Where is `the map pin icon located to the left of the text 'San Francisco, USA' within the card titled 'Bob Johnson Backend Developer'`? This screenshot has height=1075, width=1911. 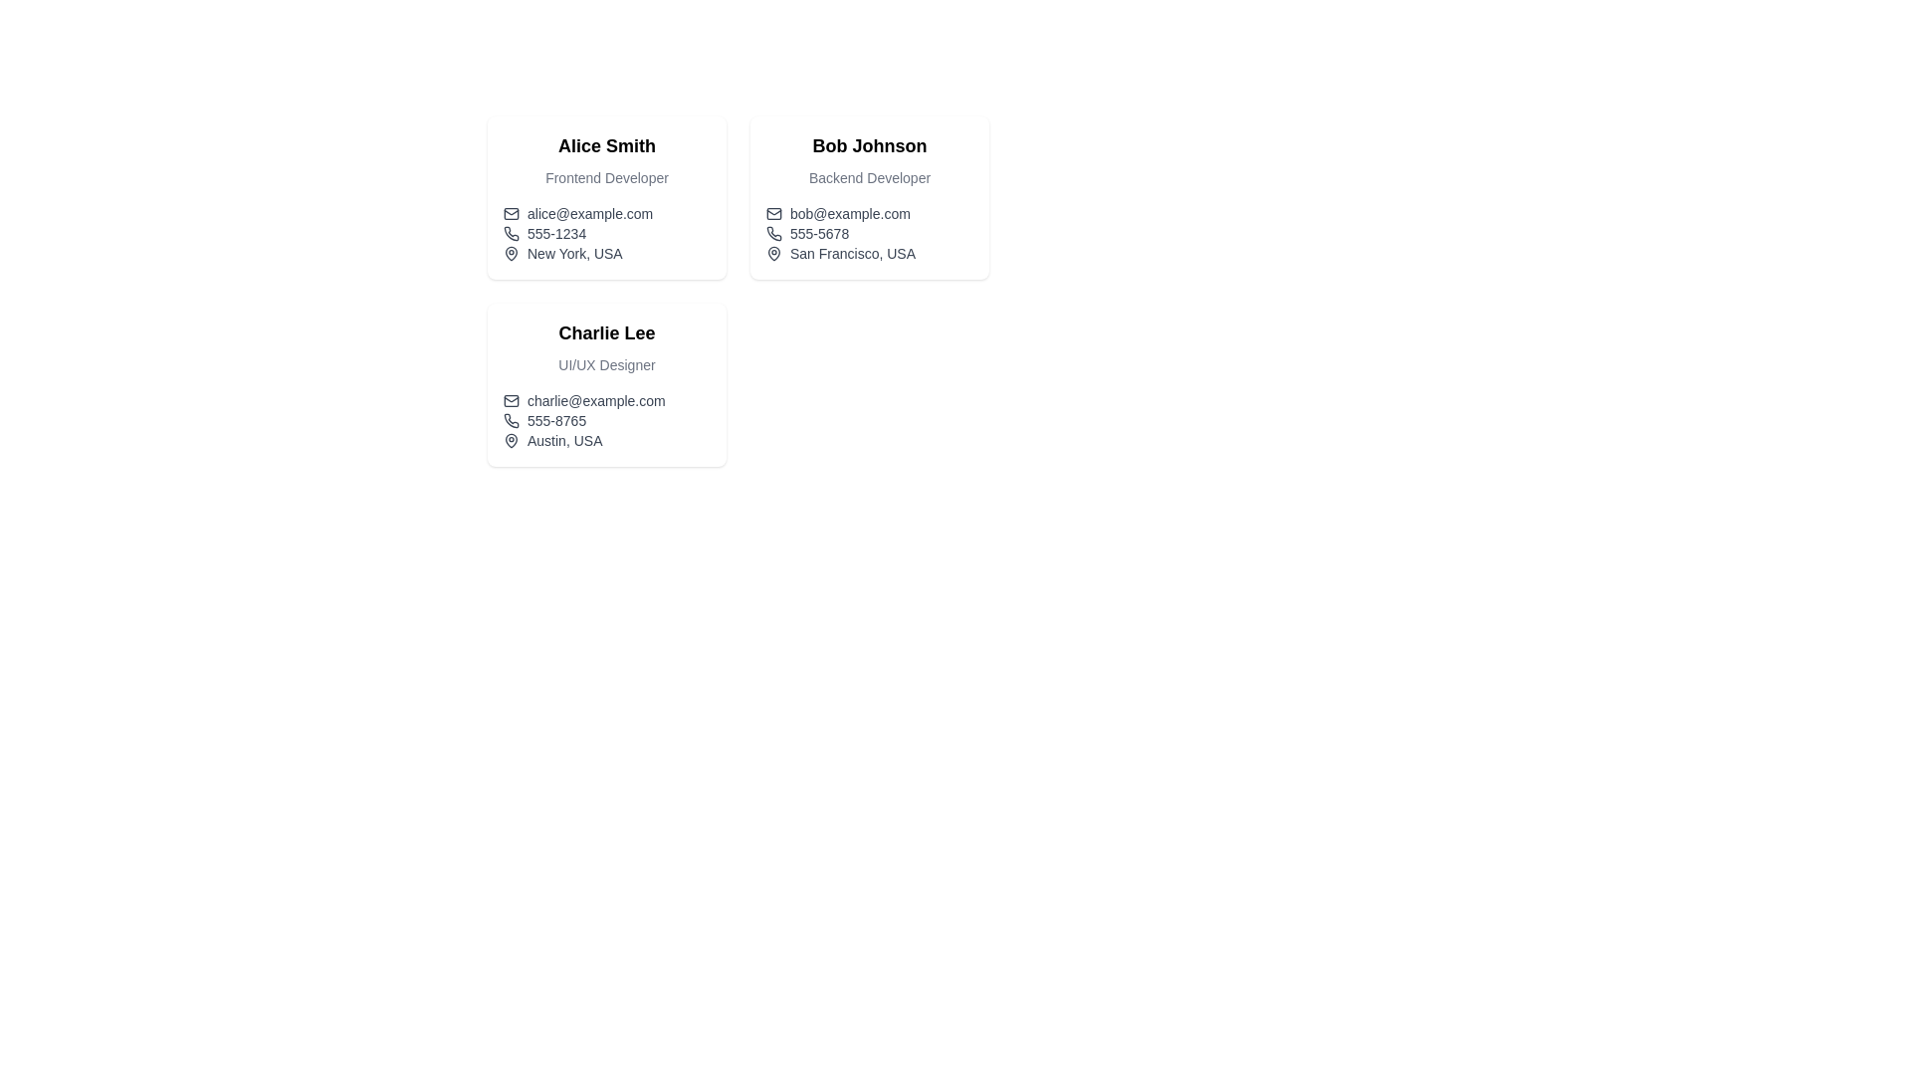 the map pin icon located to the left of the text 'San Francisco, USA' within the card titled 'Bob Johnson Backend Developer' is located at coordinates (772, 252).